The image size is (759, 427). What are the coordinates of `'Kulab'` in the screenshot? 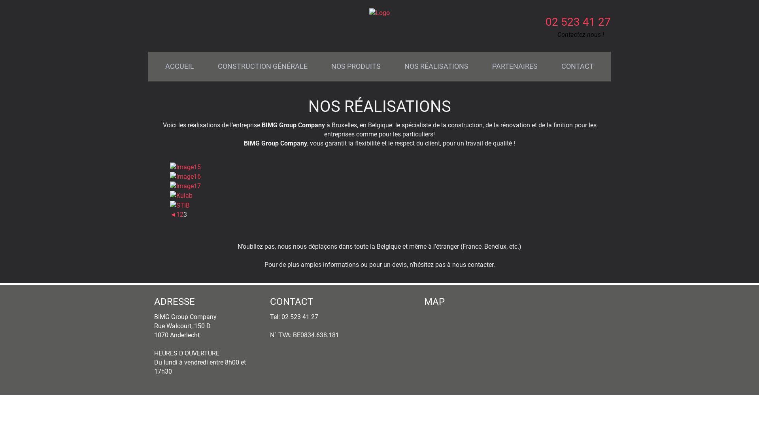 It's located at (181, 195).